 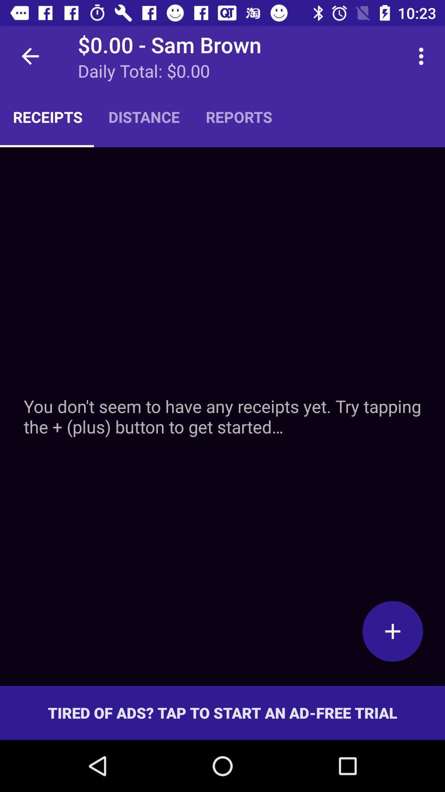 I want to click on the item below the daily total 0 item, so click(x=143, y=116).